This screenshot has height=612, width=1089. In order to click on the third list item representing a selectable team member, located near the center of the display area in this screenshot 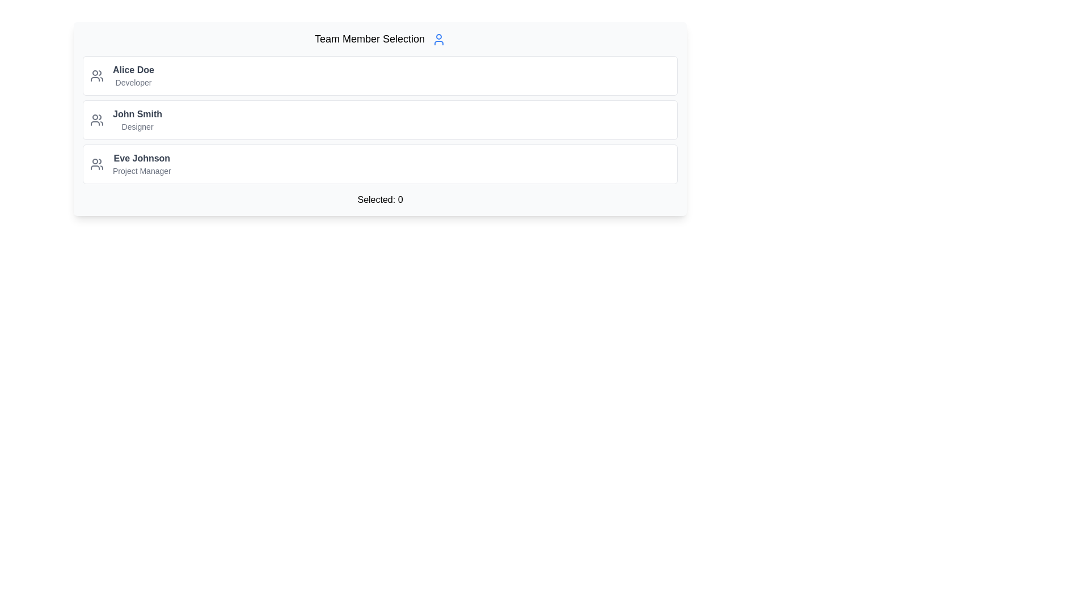, I will do `click(380, 164)`.